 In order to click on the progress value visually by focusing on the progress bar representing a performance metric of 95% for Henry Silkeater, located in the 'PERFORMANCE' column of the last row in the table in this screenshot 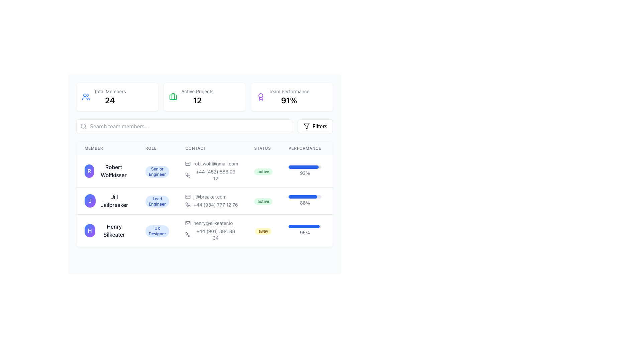, I will do `click(305, 226)`.